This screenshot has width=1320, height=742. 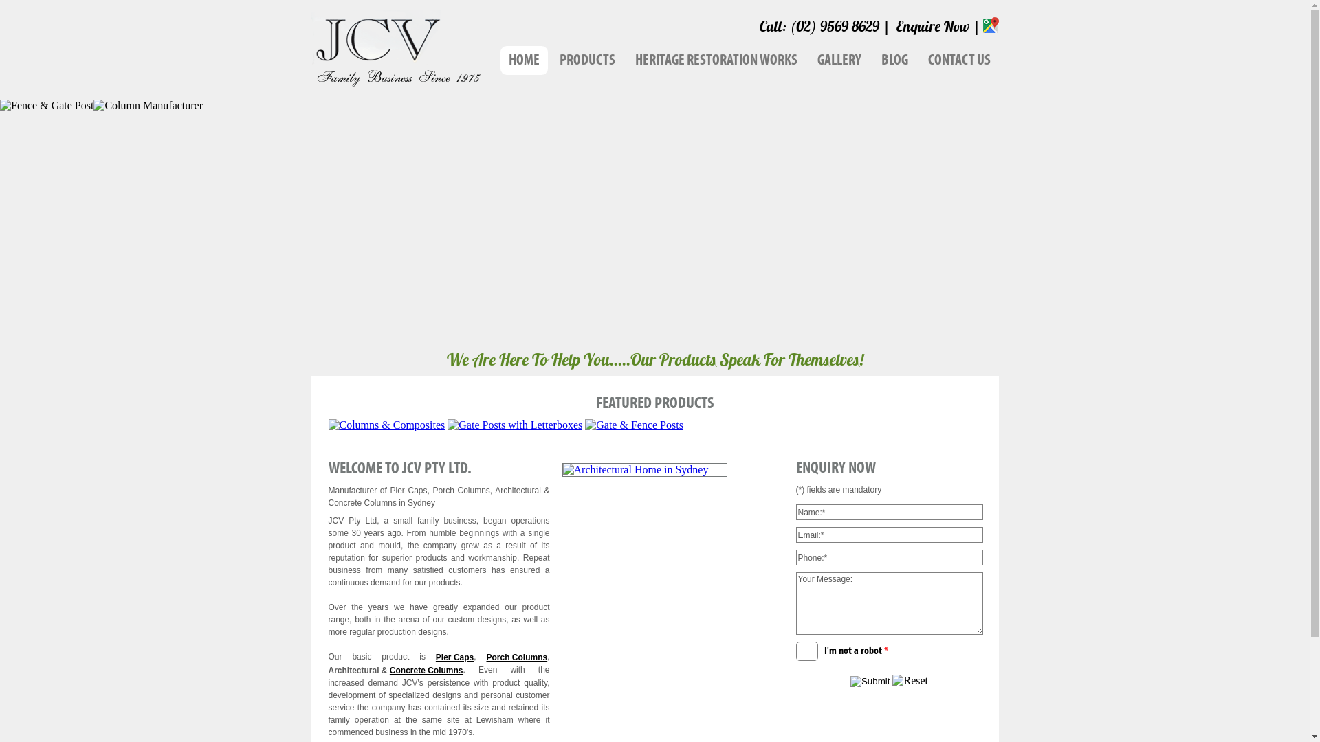 I want to click on 'Reset', so click(x=910, y=681).